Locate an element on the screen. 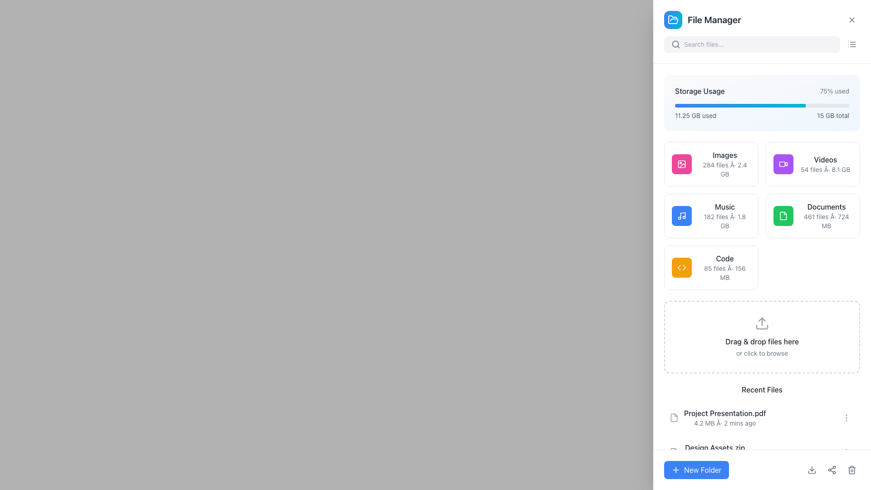  vertical line segment of the musical note icon, which is a vector graphic element, in the developer tools is located at coordinates (683, 215).